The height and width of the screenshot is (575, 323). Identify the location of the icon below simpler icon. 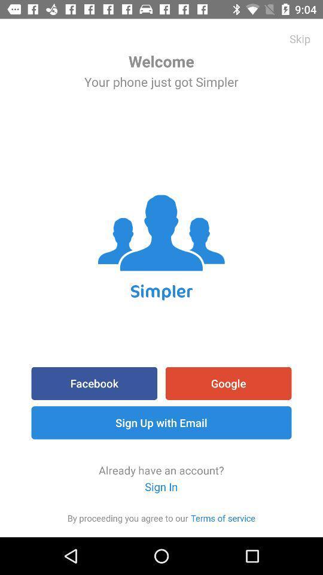
(93, 383).